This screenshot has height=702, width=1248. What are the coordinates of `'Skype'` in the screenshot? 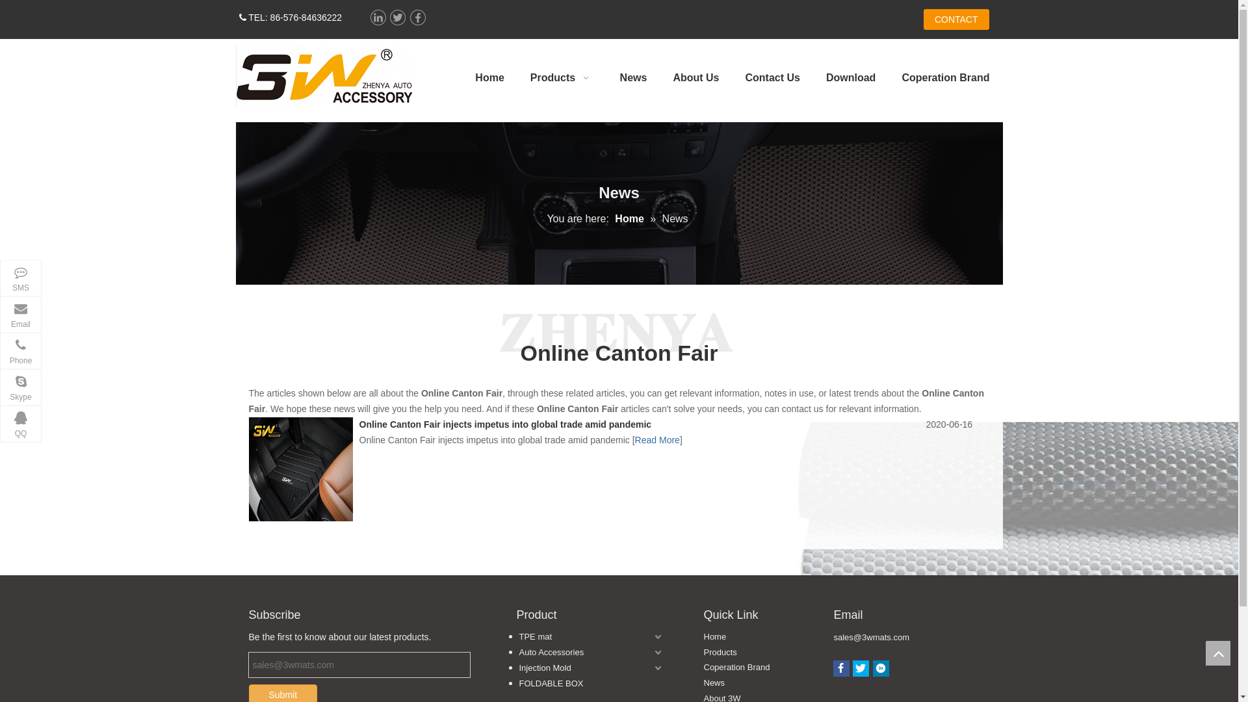 It's located at (21, 387).